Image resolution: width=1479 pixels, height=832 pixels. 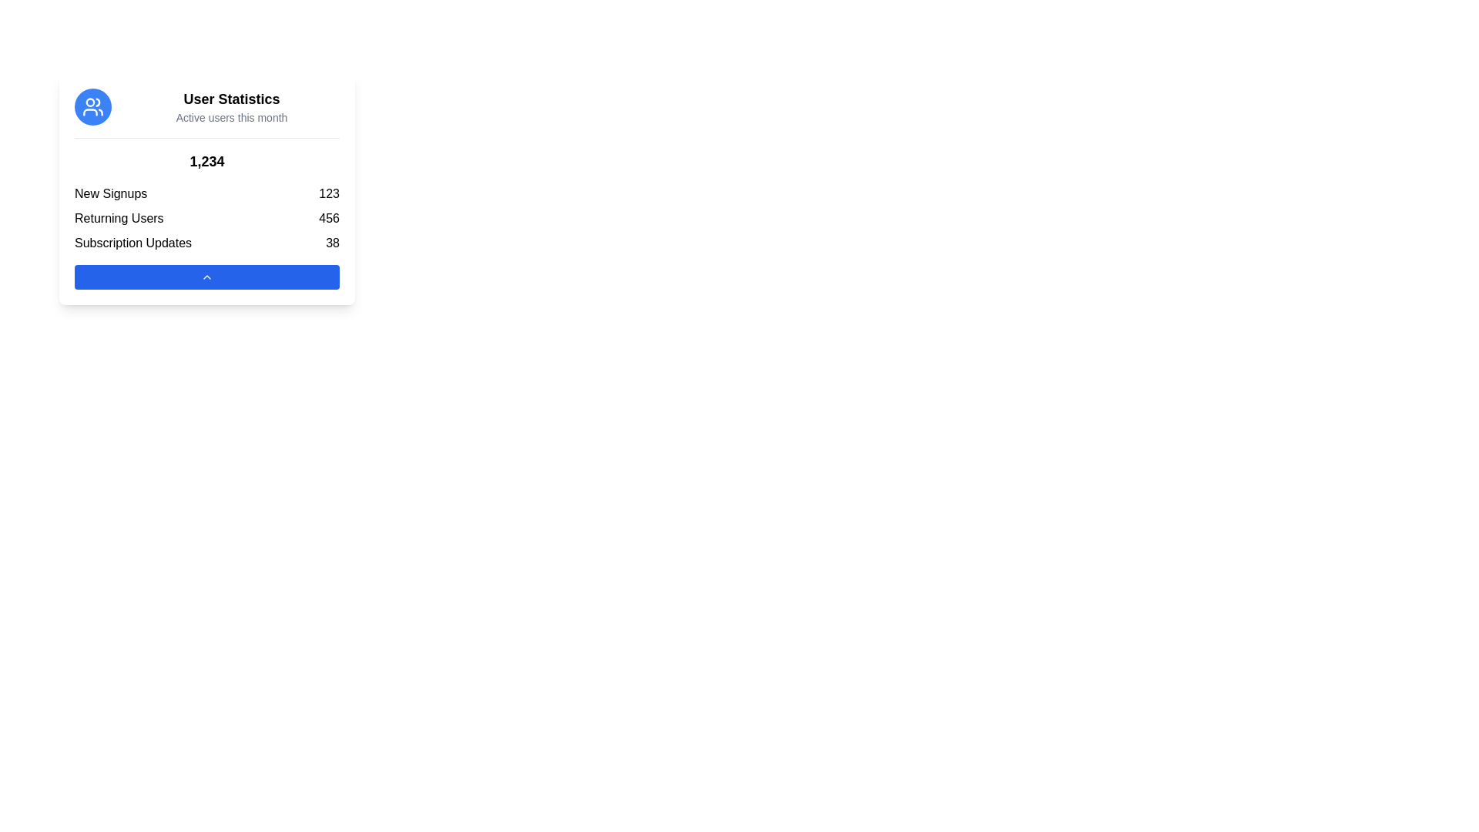 What do you see at coordinates (328, 219) in the screenshot?
I see `the text label displaying the count of returning users in the User Statistics card` at bounding box center [328, 219].